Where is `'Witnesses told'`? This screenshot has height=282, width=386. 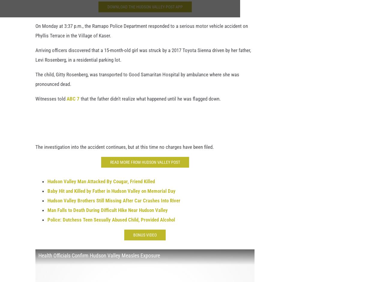 'Witnesses told' is located at coordinates (51, 102).